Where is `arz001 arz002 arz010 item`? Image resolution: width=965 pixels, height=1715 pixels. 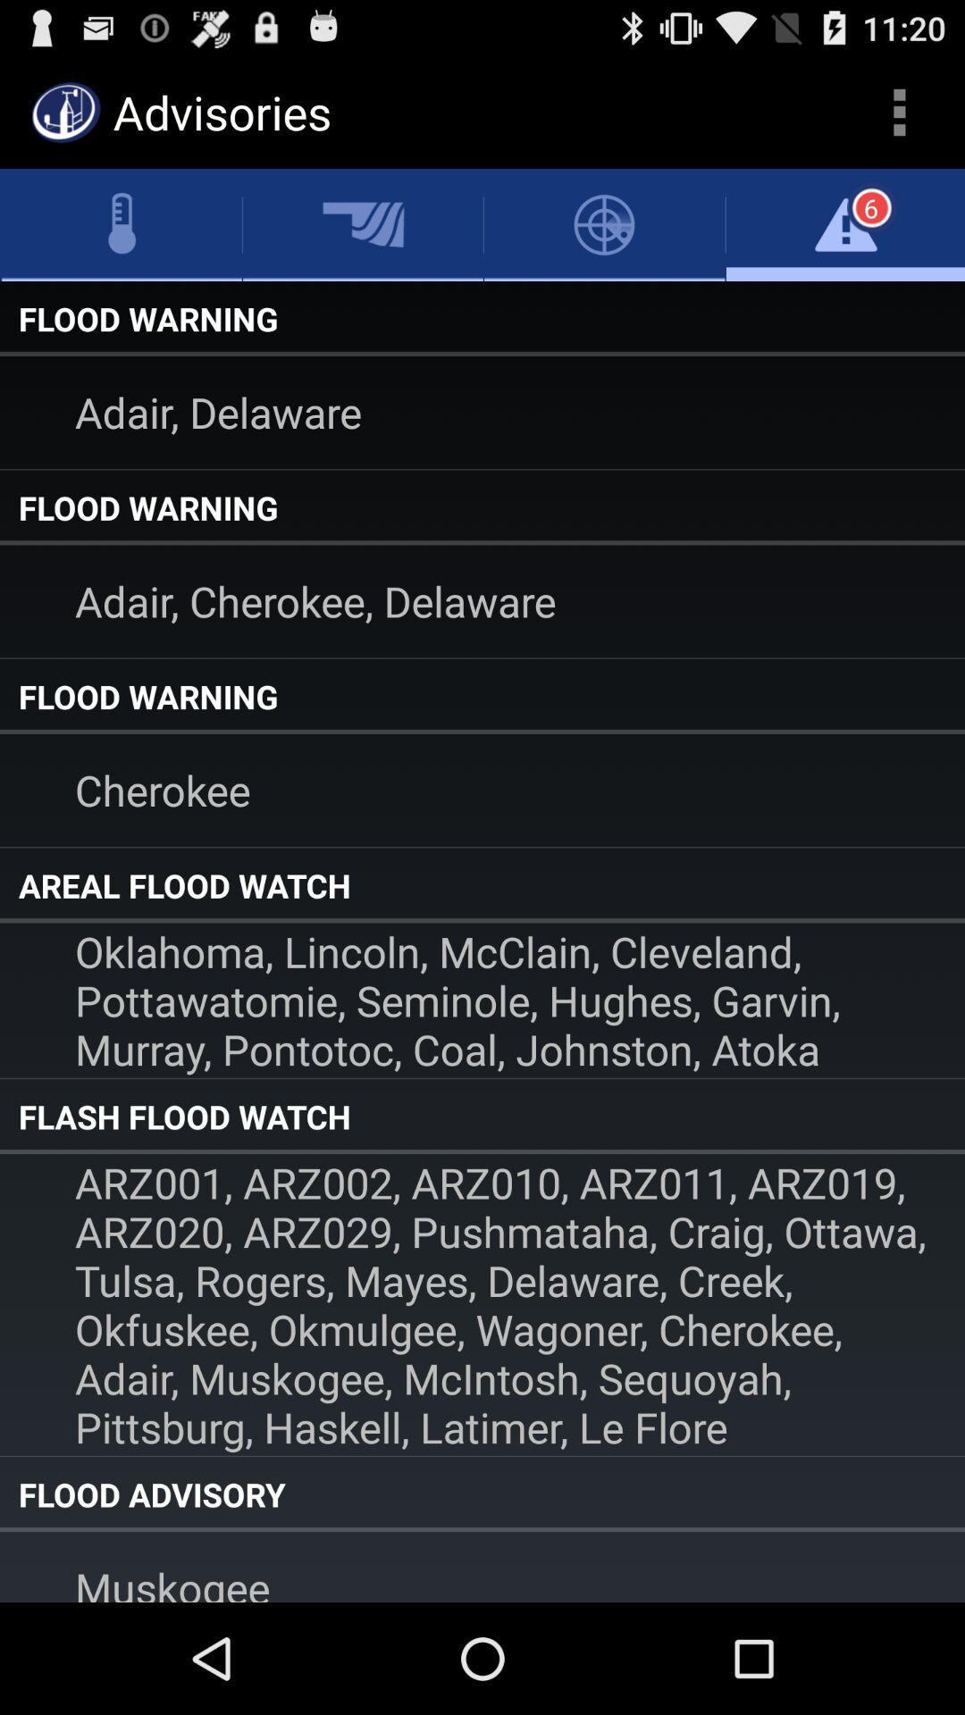
arz001 arz002 arz010 item is located at coordinates (482, 1304).